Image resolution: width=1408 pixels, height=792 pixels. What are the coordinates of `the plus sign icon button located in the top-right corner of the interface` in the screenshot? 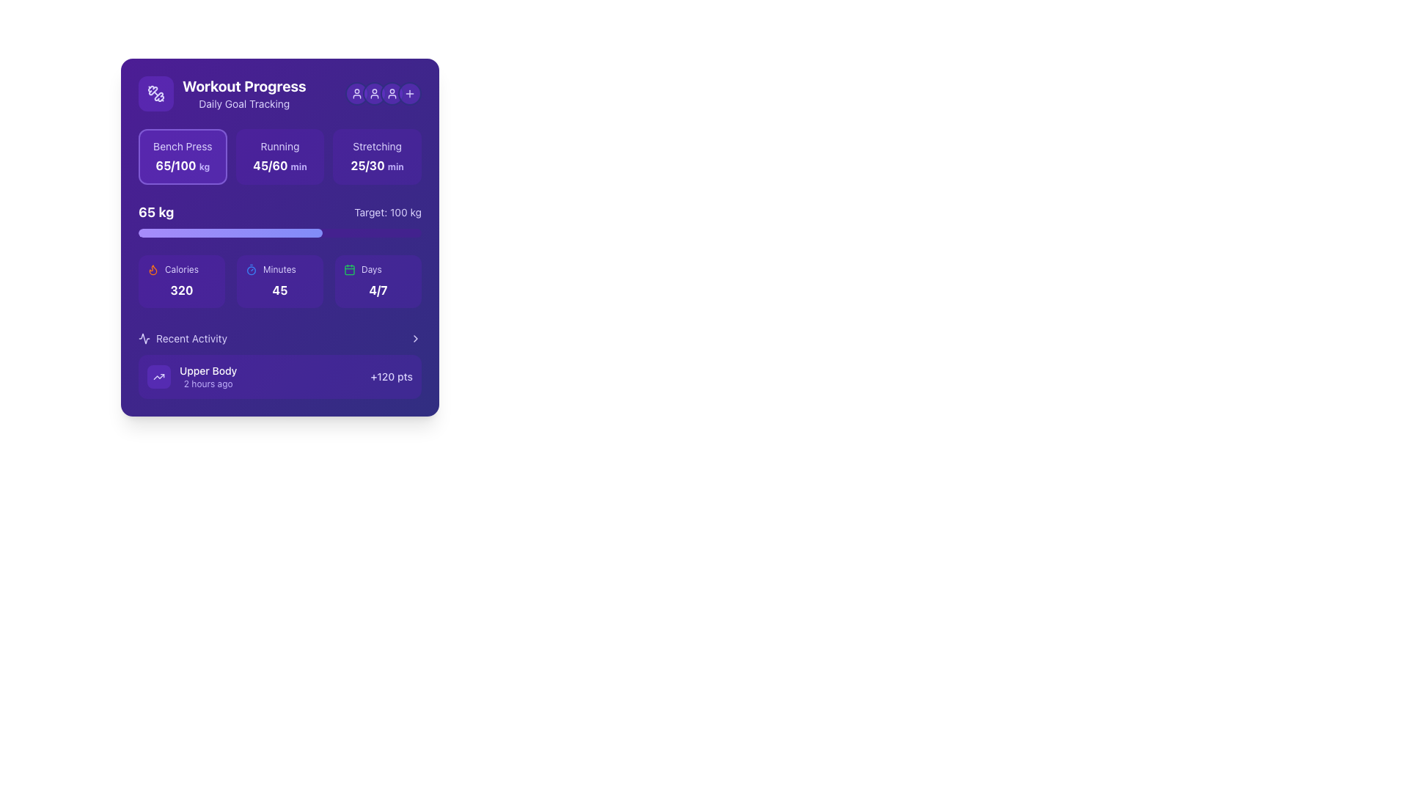 It's located at (409, 93).